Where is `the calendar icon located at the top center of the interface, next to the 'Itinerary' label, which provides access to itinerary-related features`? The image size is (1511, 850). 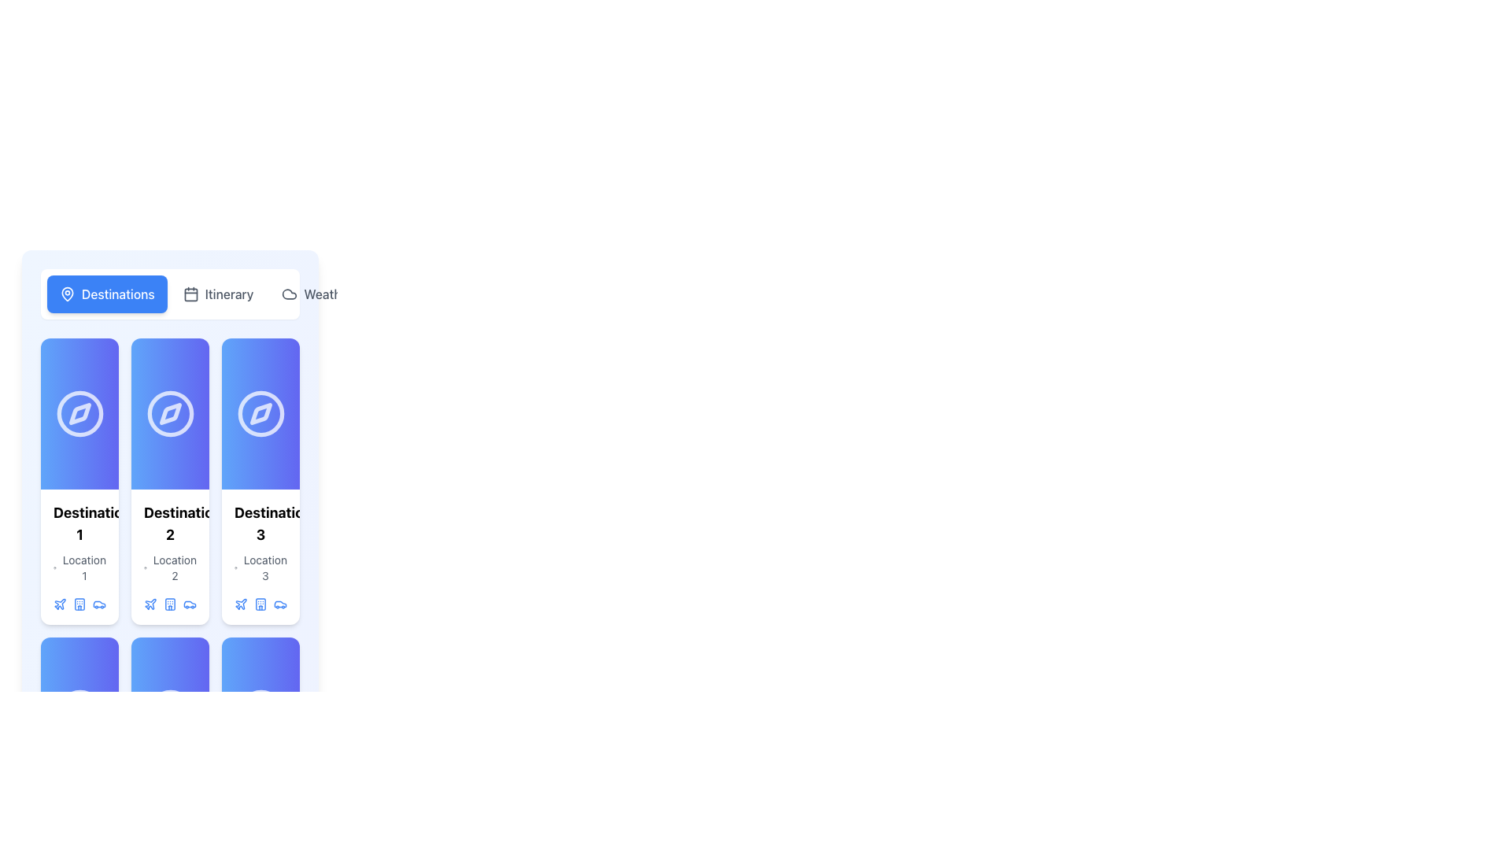 the calendar icon located at the top center of the interface, next to the 'Itinerary' label, which provides access to itinerary-related features is located at coordinates (190, 294).